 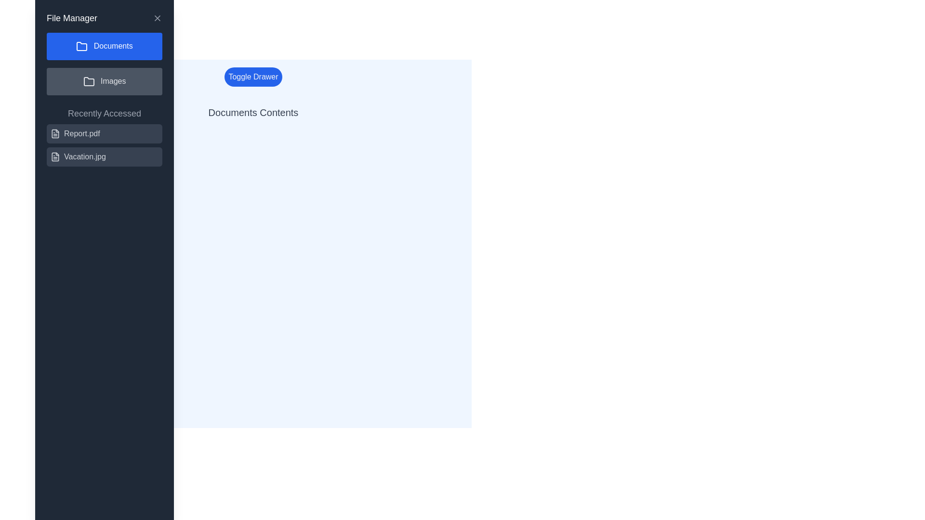 What do you see at coordinates (104, 46) in the screenshot?
I see `the 'Documents' button, which is the first button in the left sidebar of the File Manager, located above the 'Images' button` at bounding box center [104, 46].